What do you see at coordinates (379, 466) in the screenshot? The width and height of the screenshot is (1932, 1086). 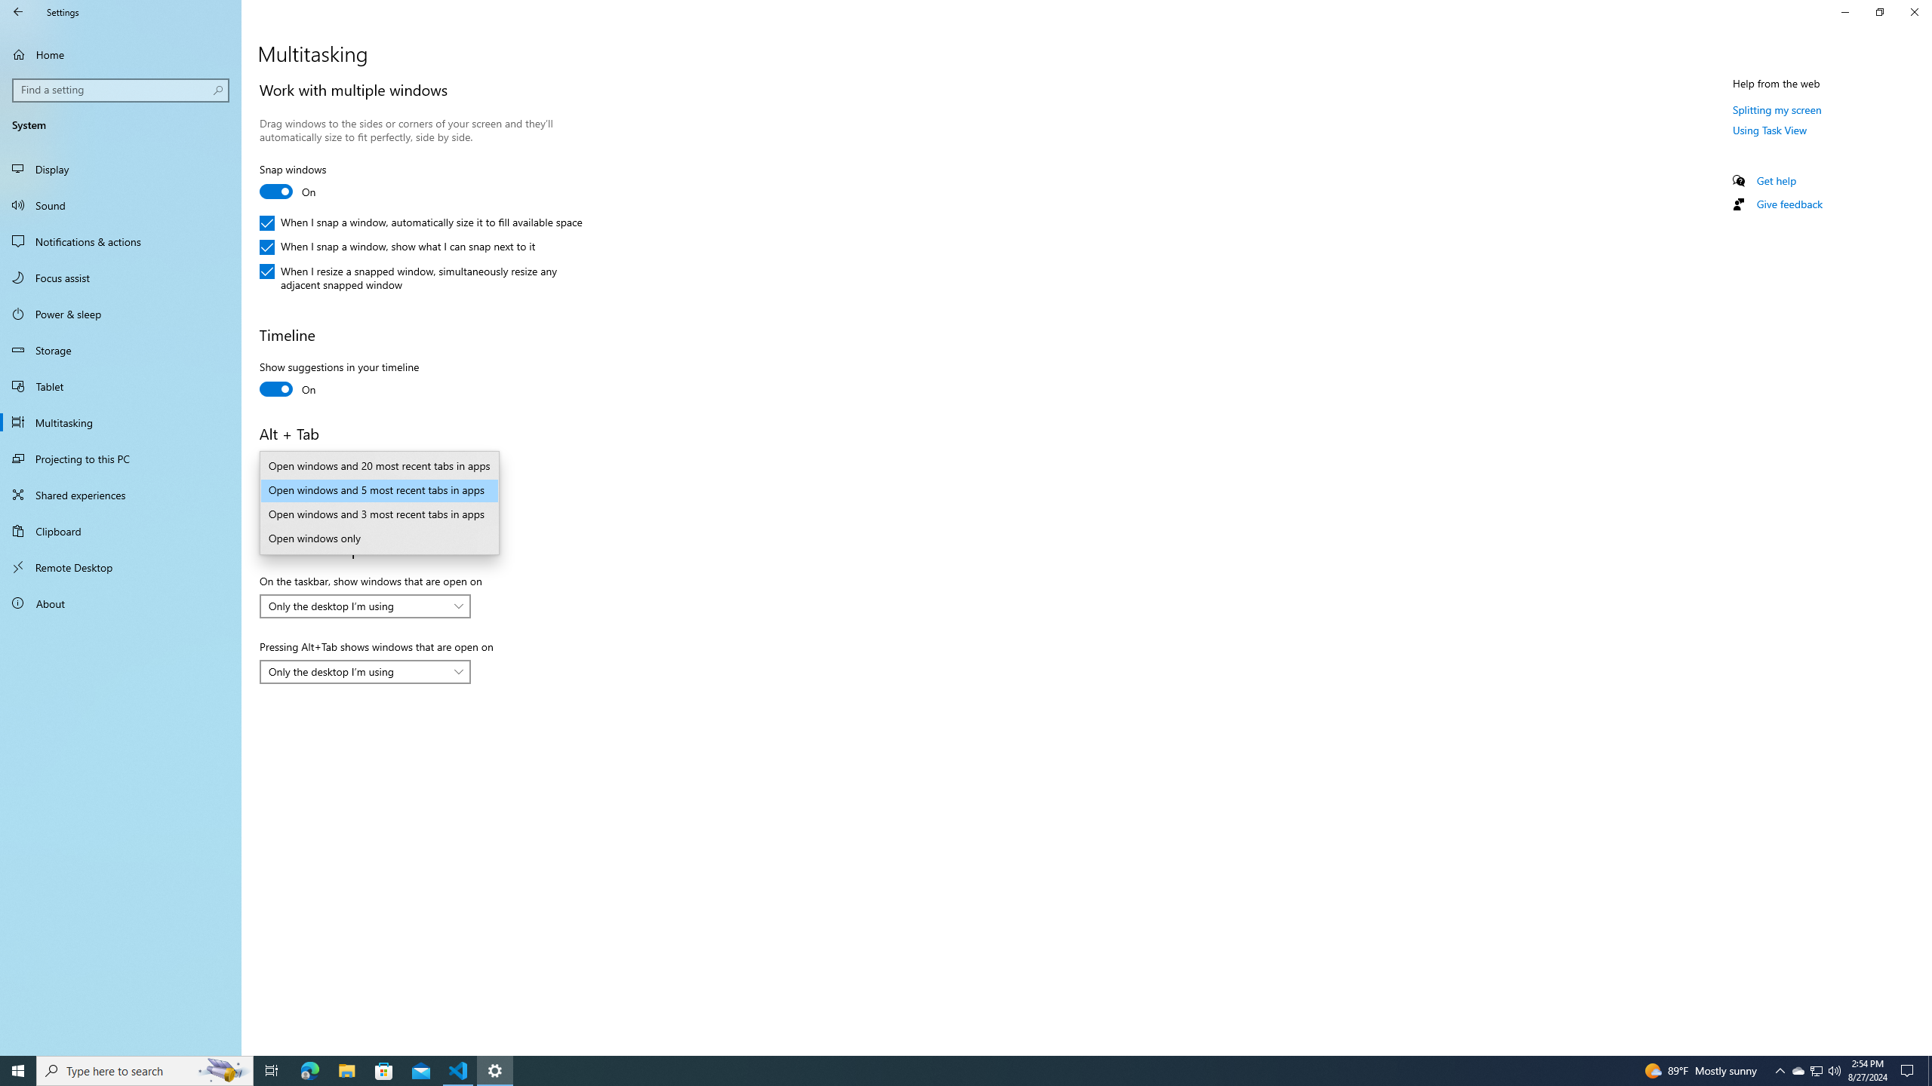 I see `'Open windows and 20 most recent tabs in apps'` at bounding box center [379, 466].